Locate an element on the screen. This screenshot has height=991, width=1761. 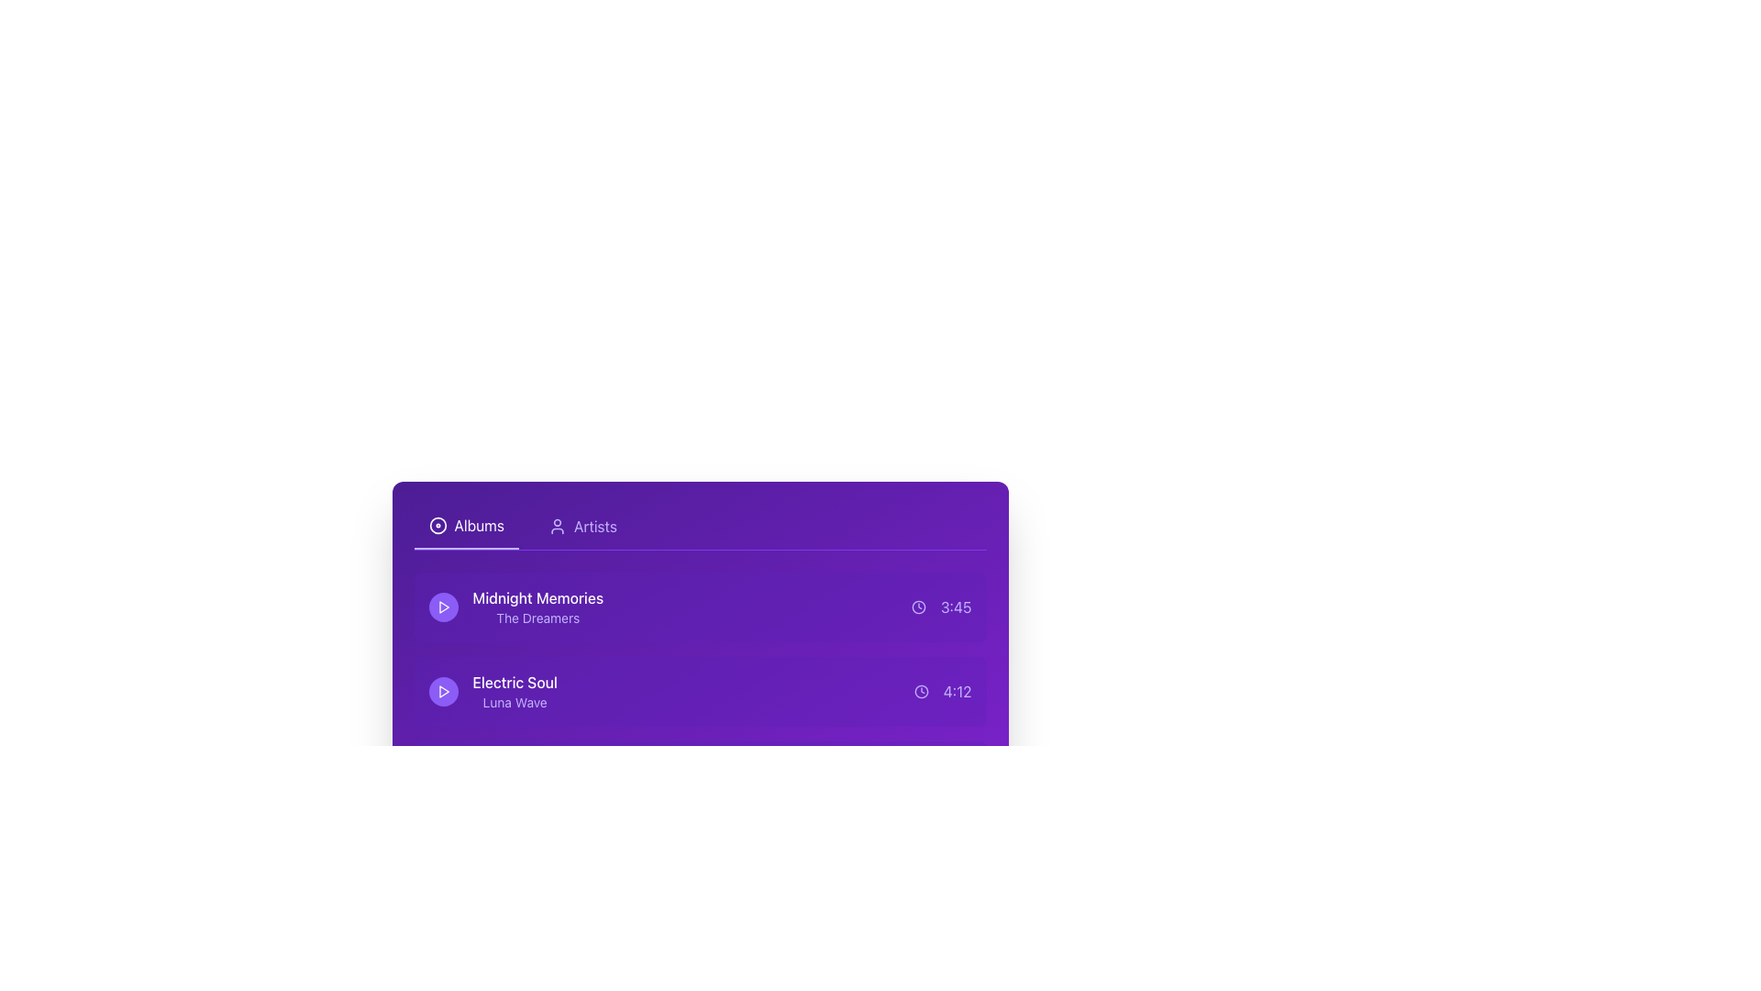
the 'Electric Soul' text label, which is styled with a medium-weight font and is the first line of text in a purple-themed user interface under the 'Albums' heading is located at coordinates (514, 683).